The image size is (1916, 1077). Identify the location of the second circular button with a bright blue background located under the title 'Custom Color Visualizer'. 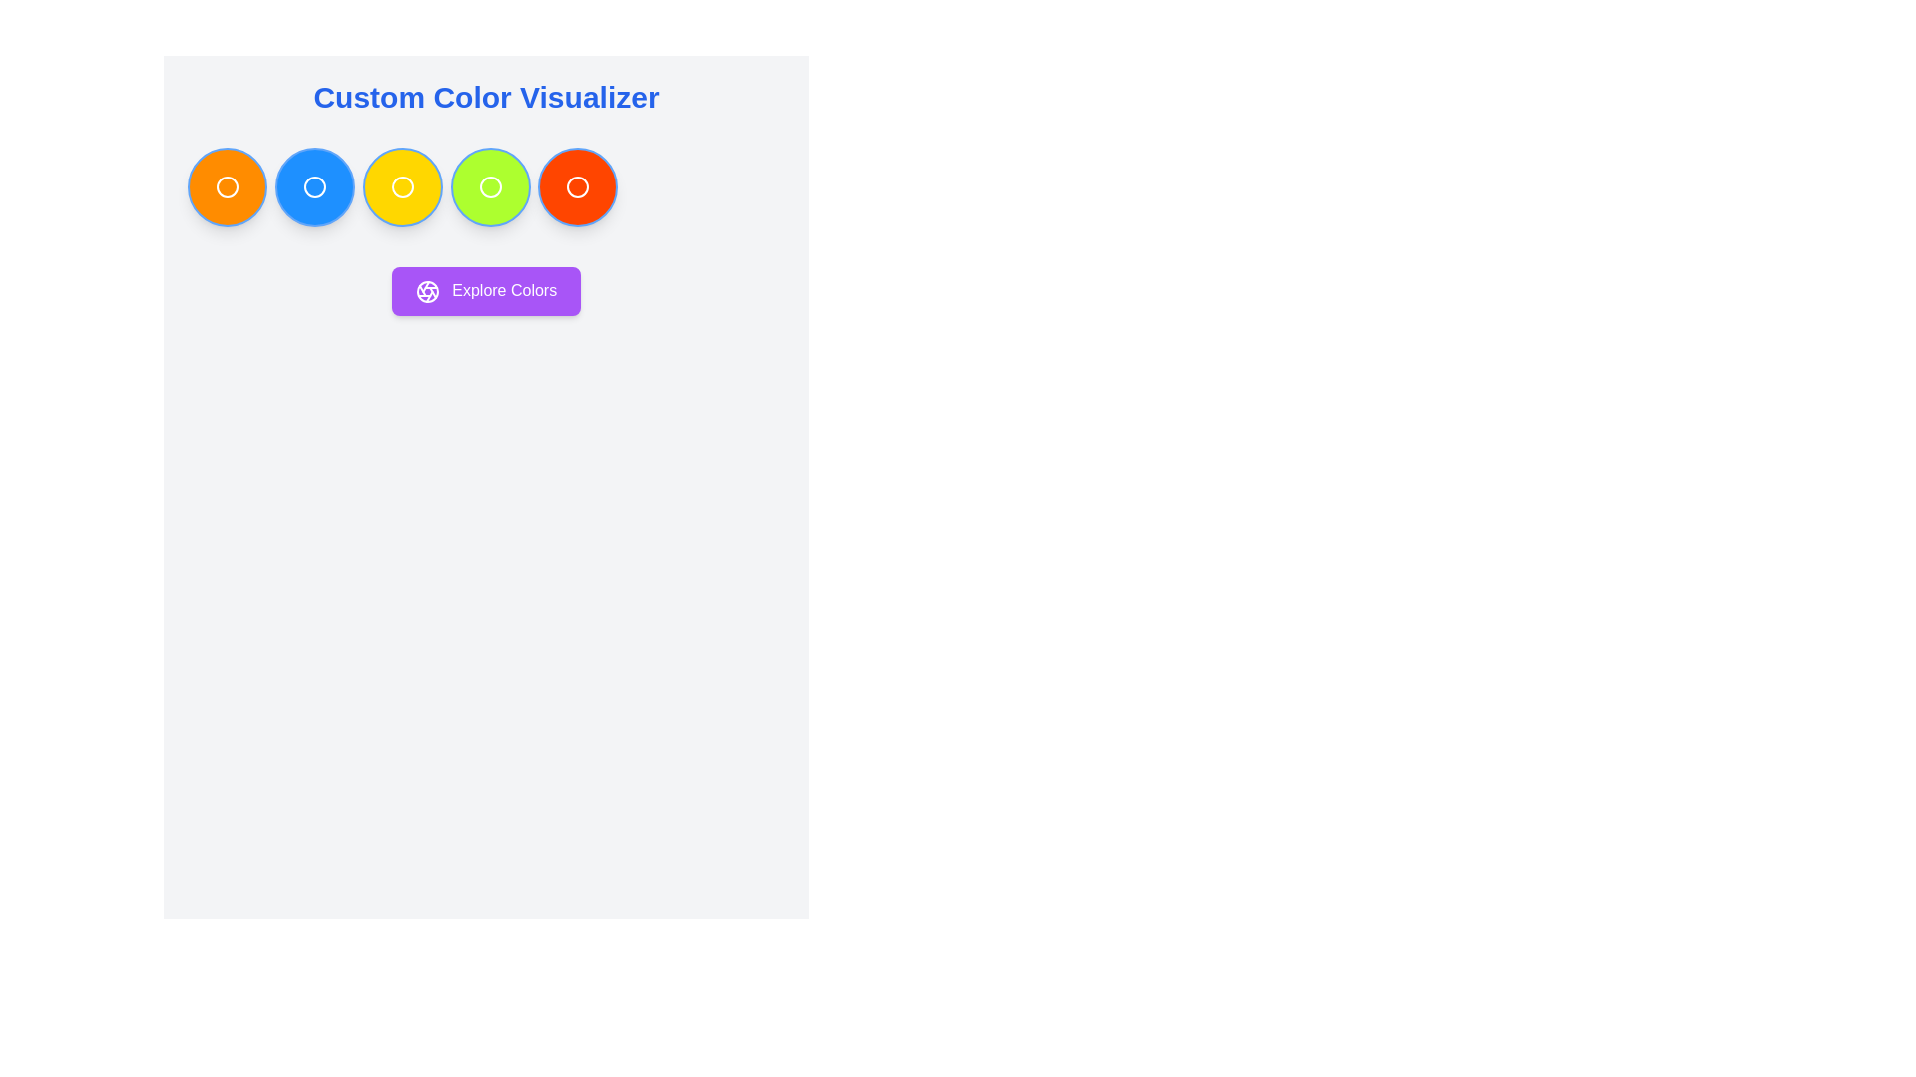
(313, 187).